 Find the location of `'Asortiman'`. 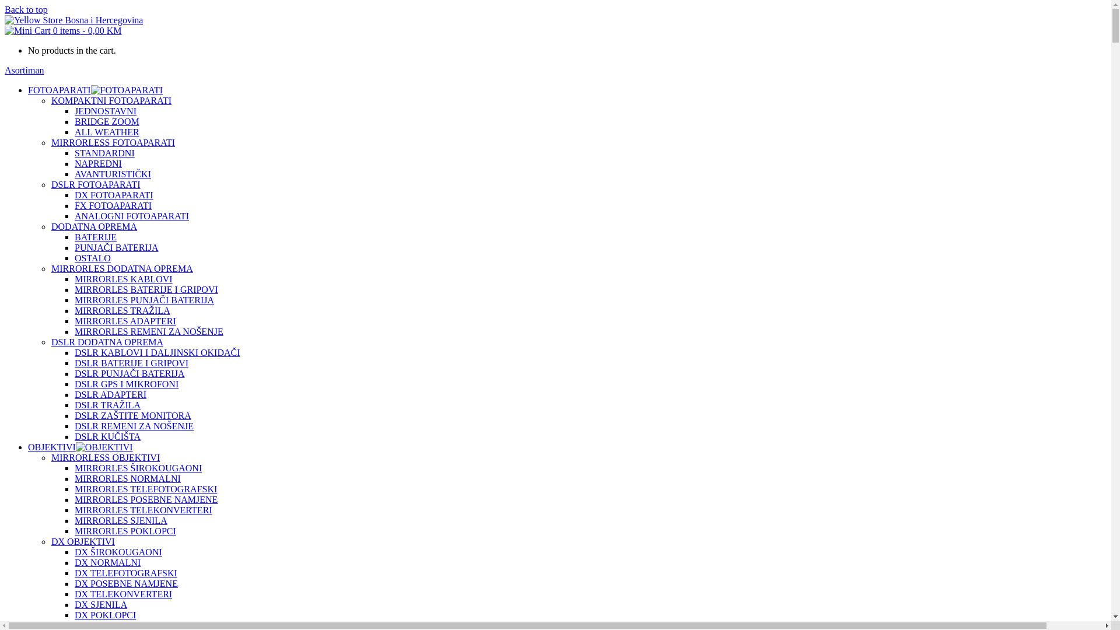

'Asortiman' is located at coordinates (24, 70).